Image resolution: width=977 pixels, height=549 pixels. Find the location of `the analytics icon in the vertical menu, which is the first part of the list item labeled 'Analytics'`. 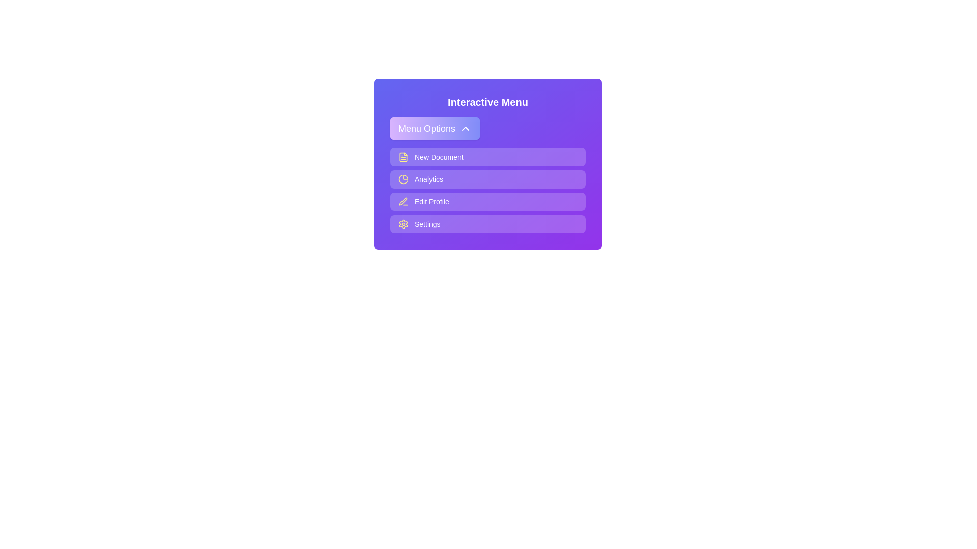

the analytics icon in the vertical menu, which is the first part of the list item labeled 'Analytics' is located at coordinates (403, 179).